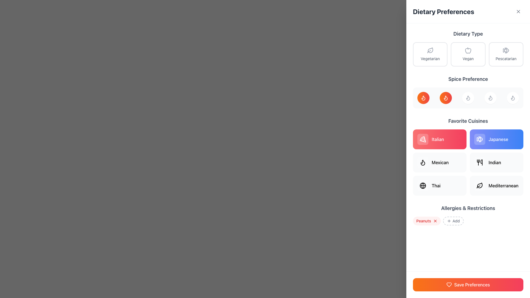 The height and width of the screenshot is (298, 530). What do you see at coordinates (497, 162) in the screenshot?
I see `the 'Indian' button, which is located in the second row and second column of the 'Favorite Cuisines' section` at bounding box center [497, 162].